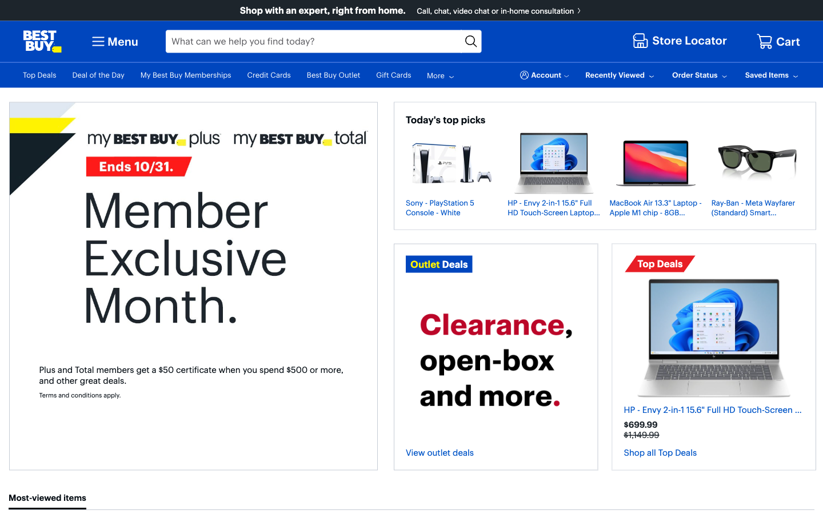 The height and width of the screenshot is (514, 823). I want to click on Check order status of the latest order, so click(700, 75).